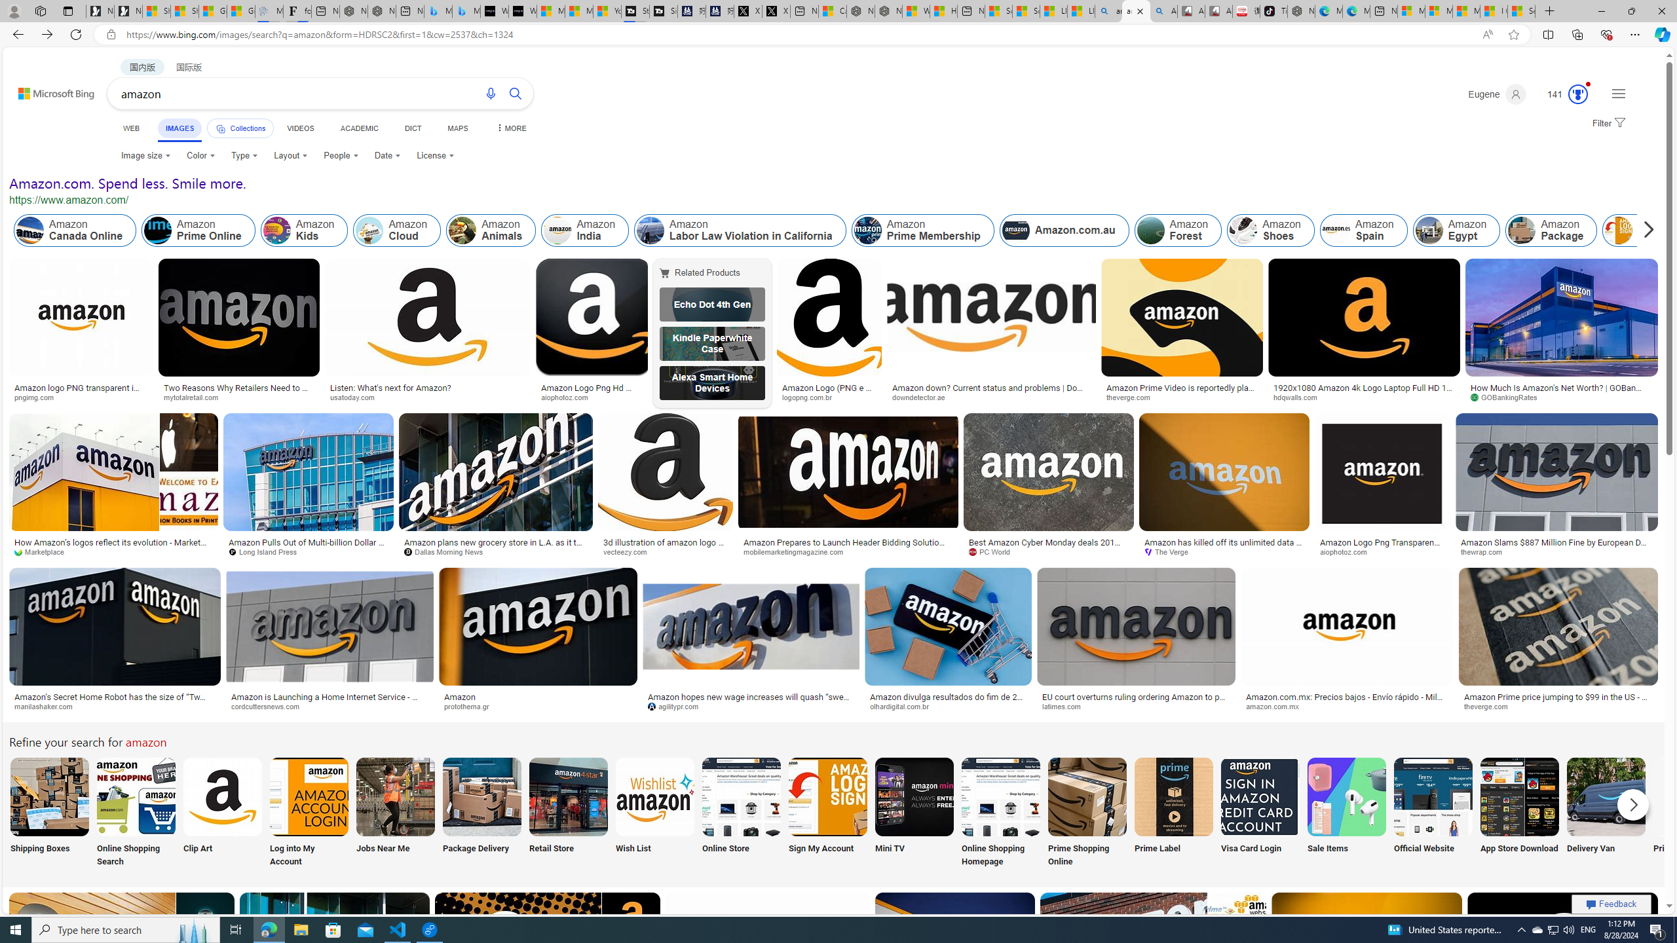  I want to click on 'MORE', so click(510, 128).